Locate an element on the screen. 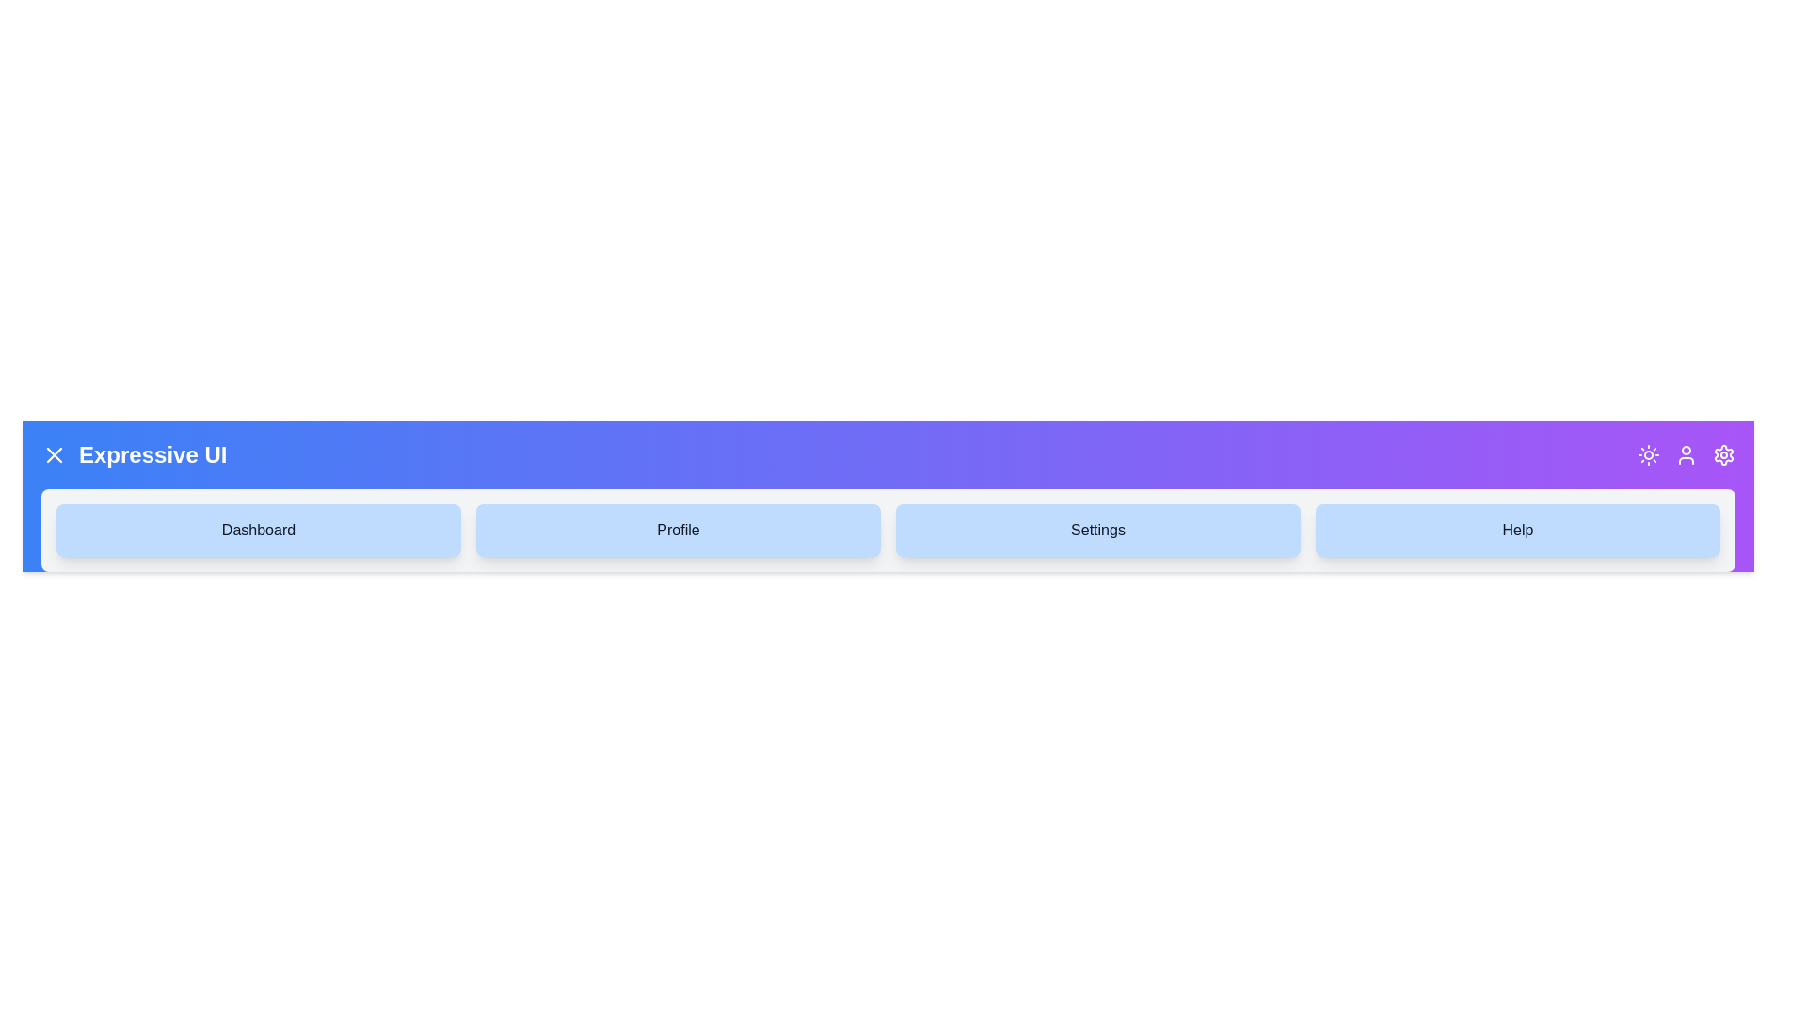 This screenshot has width=1807, height=1016. the menu button to toggle the menu is located at coordinates (54, 454).